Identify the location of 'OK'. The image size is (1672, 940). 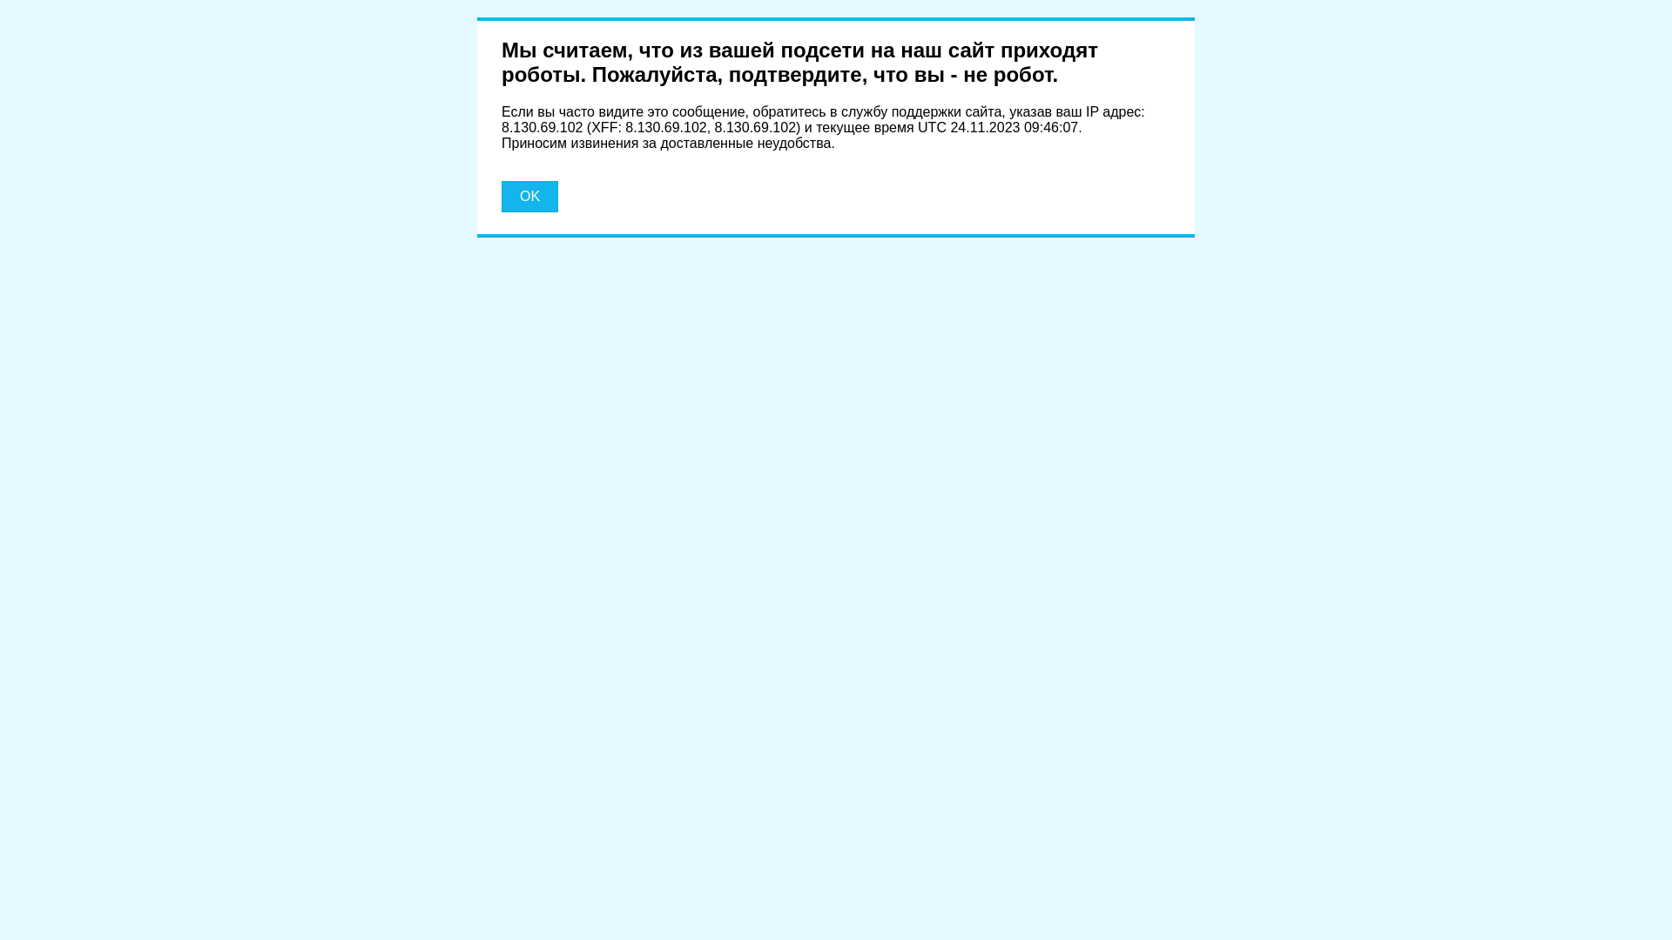
(529, 196).